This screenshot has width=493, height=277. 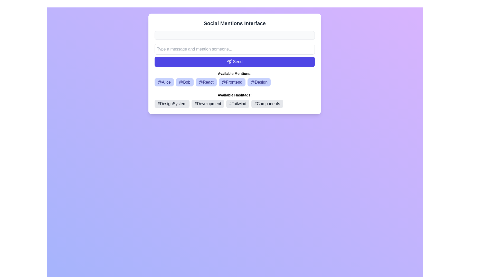 What do you see at coordinates (229, 61) in the screenshot?
I see `the send icon represented by an SVG graphic located on the right side of the 'Send' button to initiate sending a message` at bounding box center [229, 61].